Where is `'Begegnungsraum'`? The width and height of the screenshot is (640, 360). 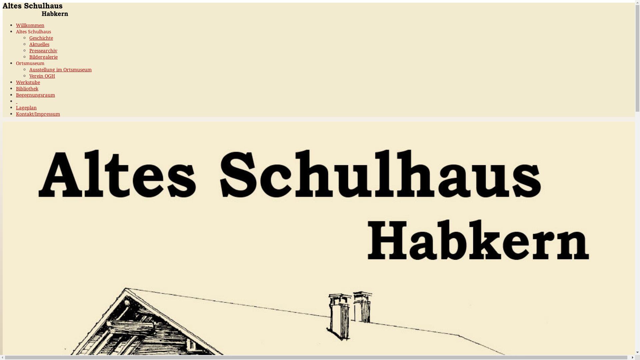 'Begegnungsraum' is located at coordinates (35, 95).